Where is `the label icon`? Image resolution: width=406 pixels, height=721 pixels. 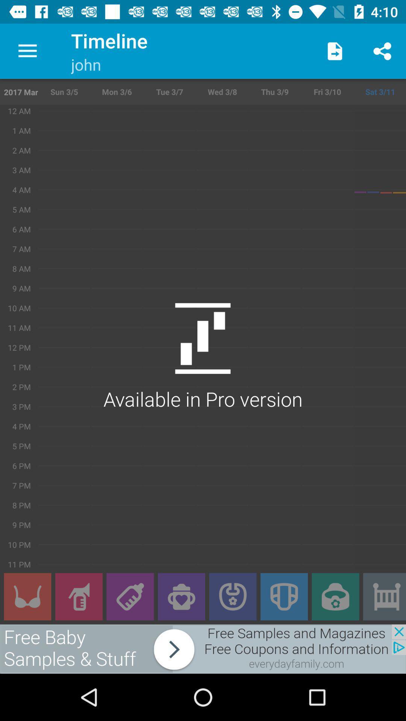
the label icon is located at coordinates (130, 596).